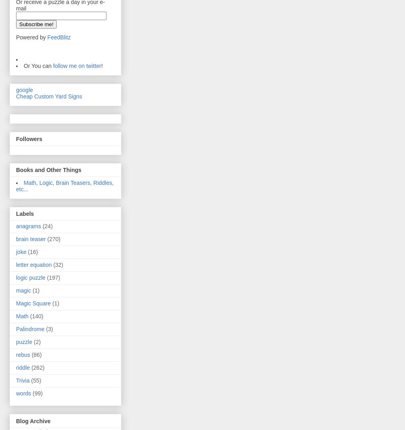 The image size is (405, 430). I want to click on '(86)', so click(31, 354).